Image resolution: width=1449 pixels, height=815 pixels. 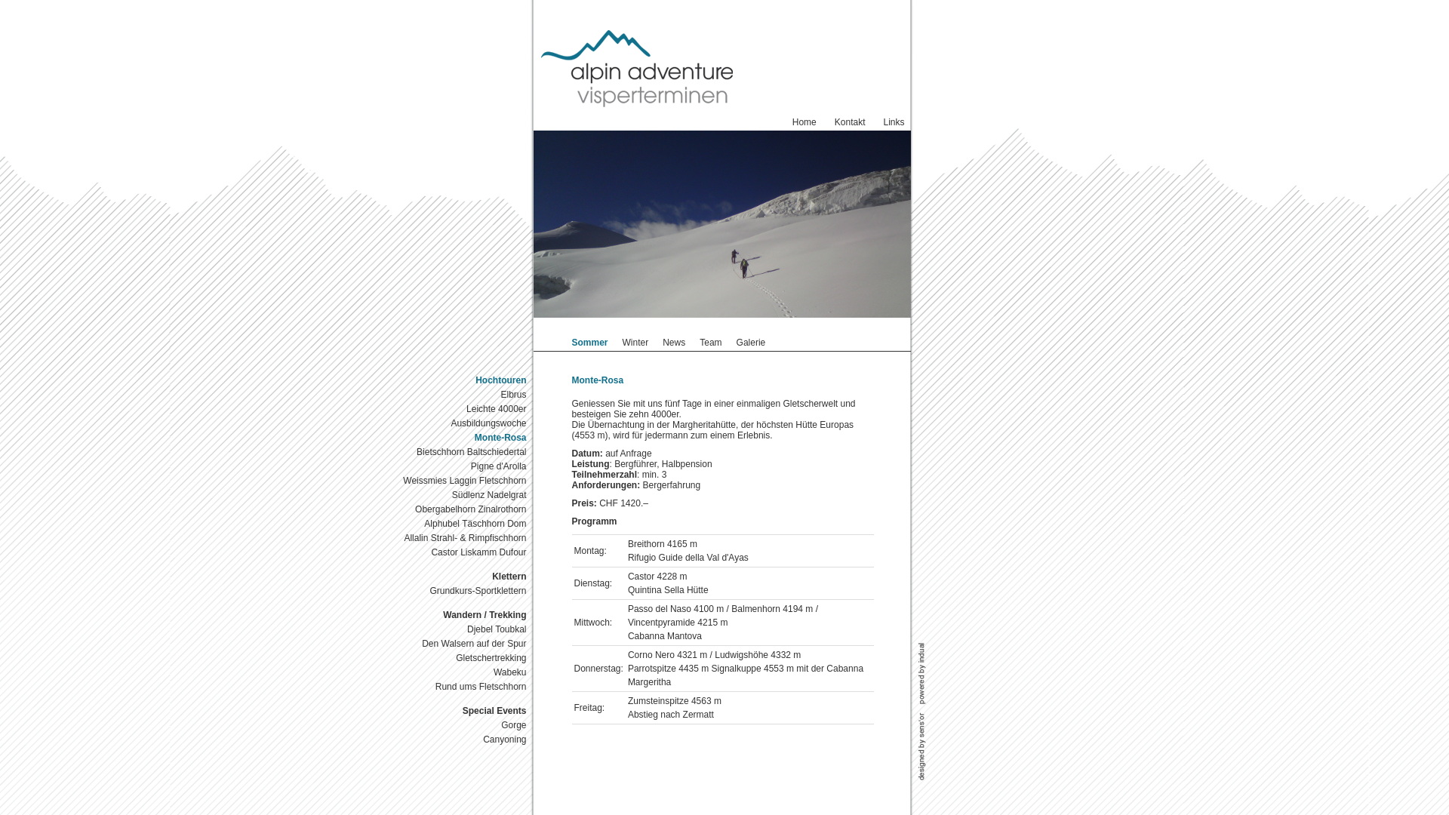 What do you see at coordinates (850, 121) in the screenshot?
I see `'Kontakt'` at bounding box center [850, 121].